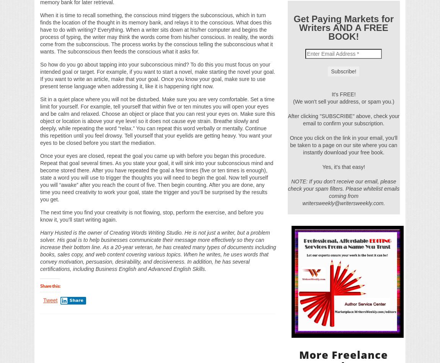  I want to click on 'Once your eyes are closed, repeat the goal you came up with before you began this procedure. Repeat that goal several times. As you state your goal, it will sink into your subconscious mind and become stored there. After you have repeated the goal a few times (five or ten times is enough), state a word you will use to trigger the thoughts you will need to begin the goal. Now tell yourself you will “awake” after you reach the count of five. Then begin counting. After you are done, any time you need creativity to work your goal, state the trigger and you’ll be surprised by the results you get.', so click(156, 177).